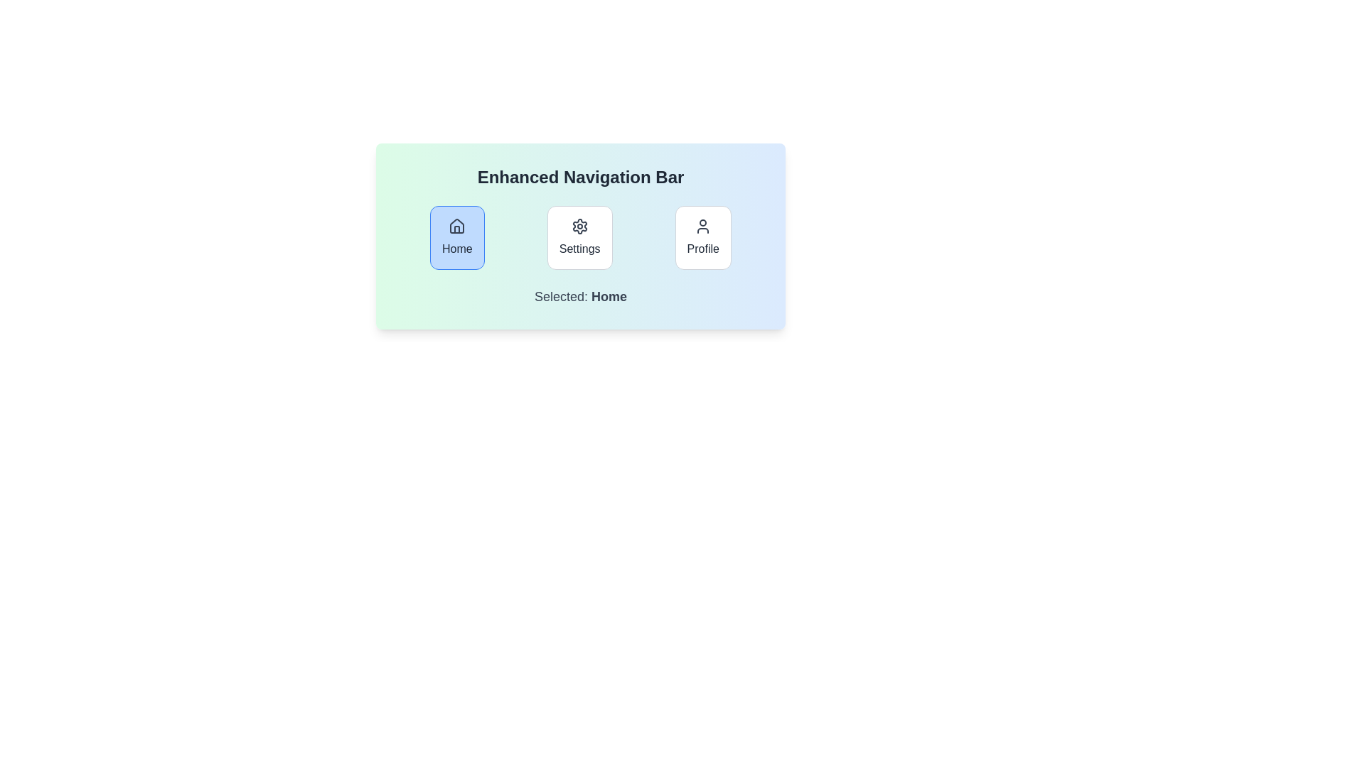 The width and height of the screenshot is (1365, 767). Describe the element at coordinates (457, 225) in the screenshot. I see `the 'Home' SVG icon in the navigation bar, which guides users back to the main interface or dashboard` at that location.